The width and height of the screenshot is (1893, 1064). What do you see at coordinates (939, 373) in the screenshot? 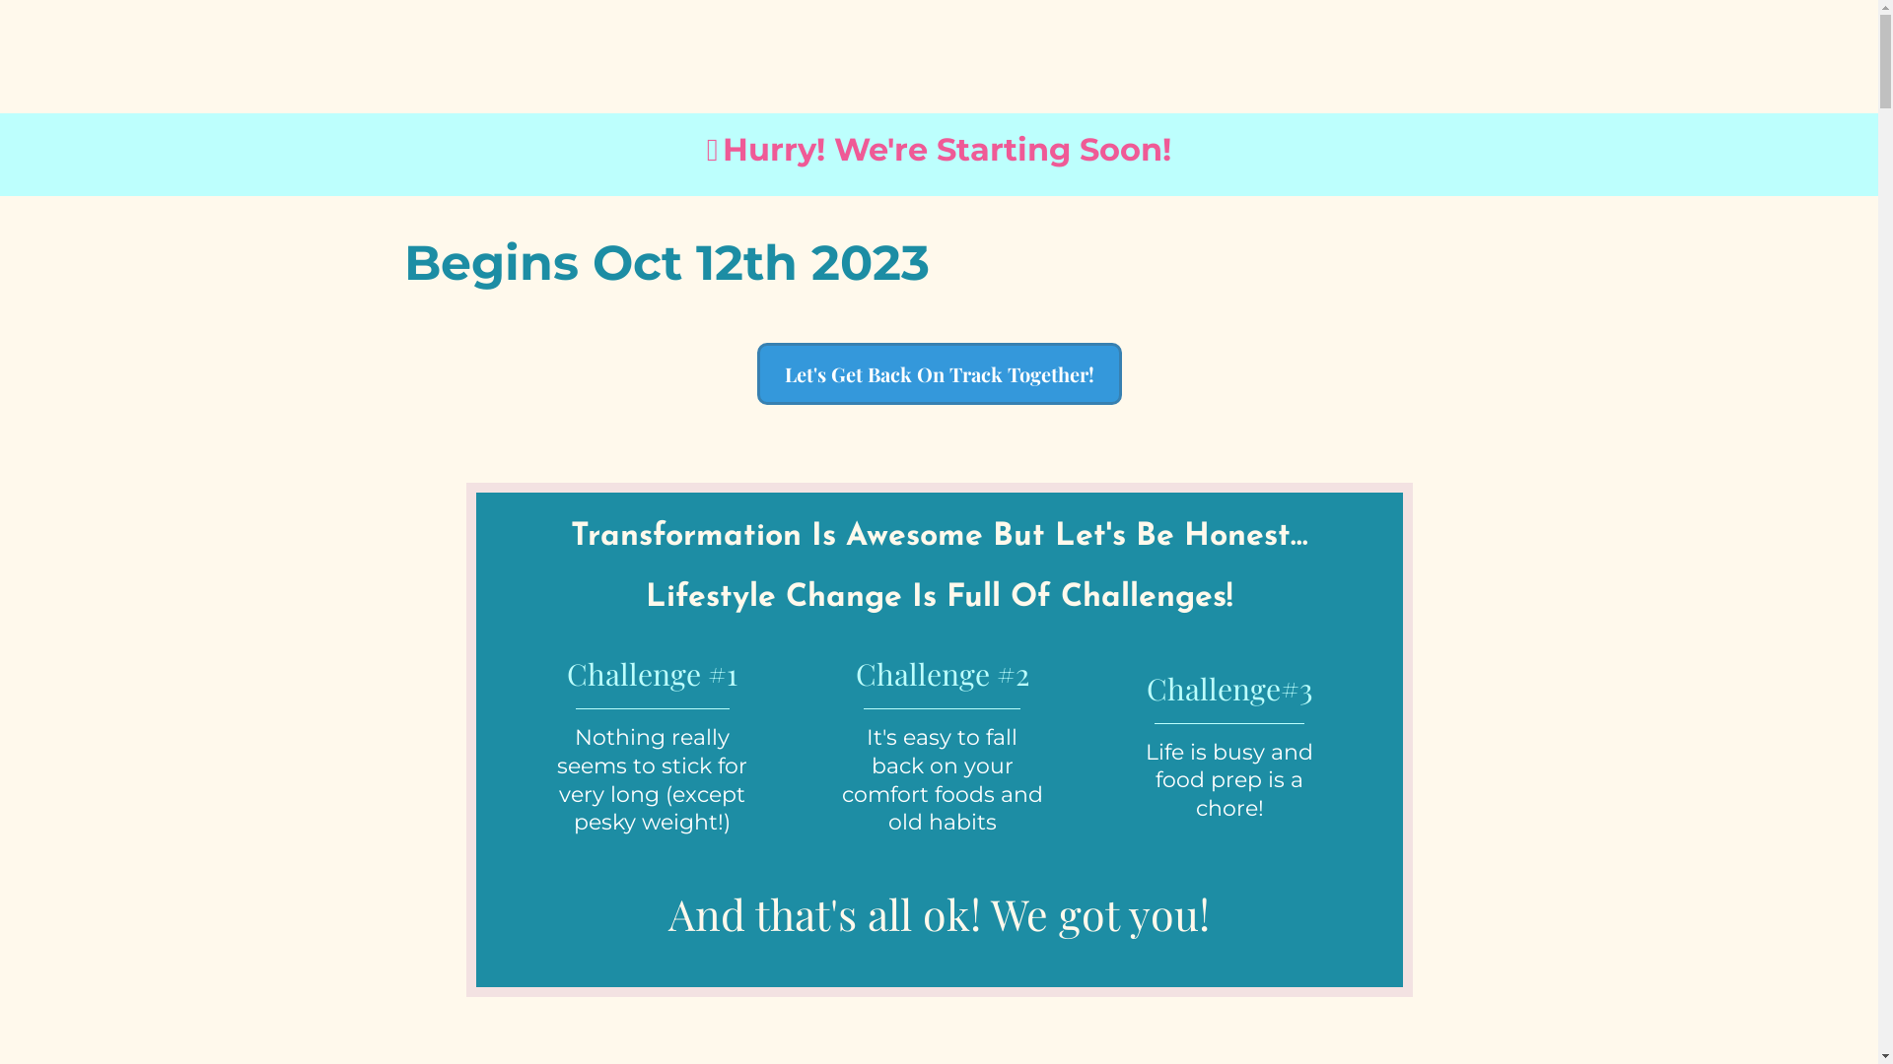
I see `'Let's Get Back On Track Together!'` at bounding box center [939, 373].